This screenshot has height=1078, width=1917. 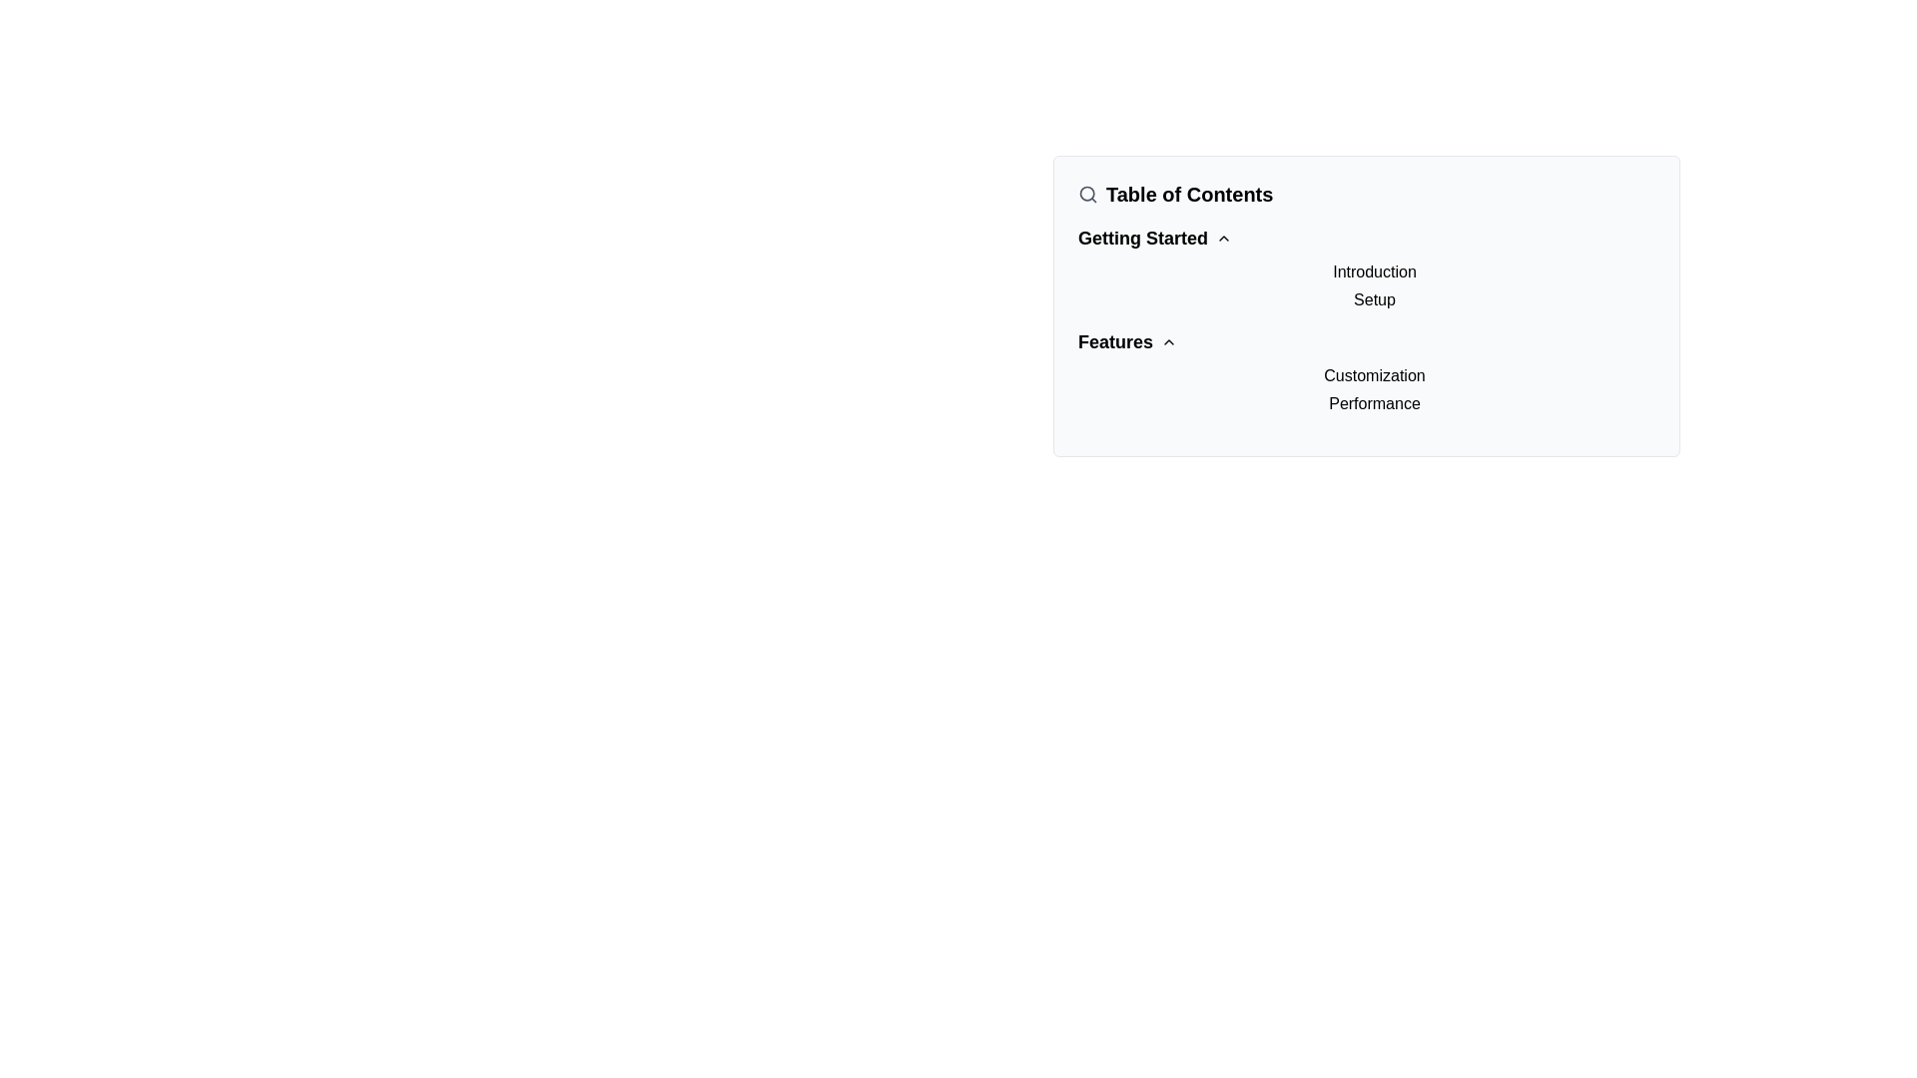 I want to click on the 'Customization' and 'Performance' subsections text element located within the 'Features' category in the table of contents panel, so click(x=1365, y=389).